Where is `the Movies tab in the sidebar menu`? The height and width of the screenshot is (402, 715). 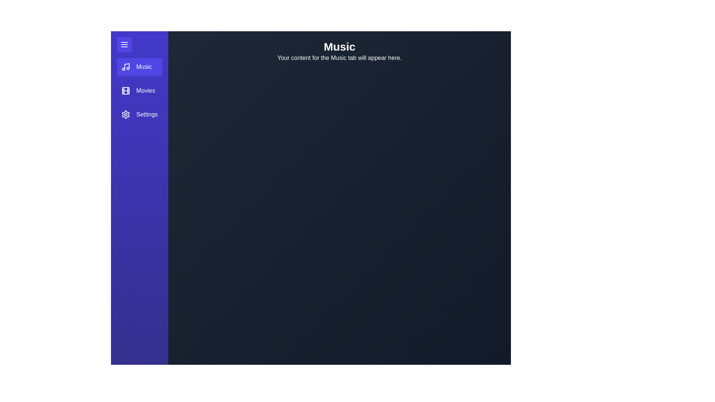 the Movies tab in the sidebar menu is located at coordinates (139, 90).